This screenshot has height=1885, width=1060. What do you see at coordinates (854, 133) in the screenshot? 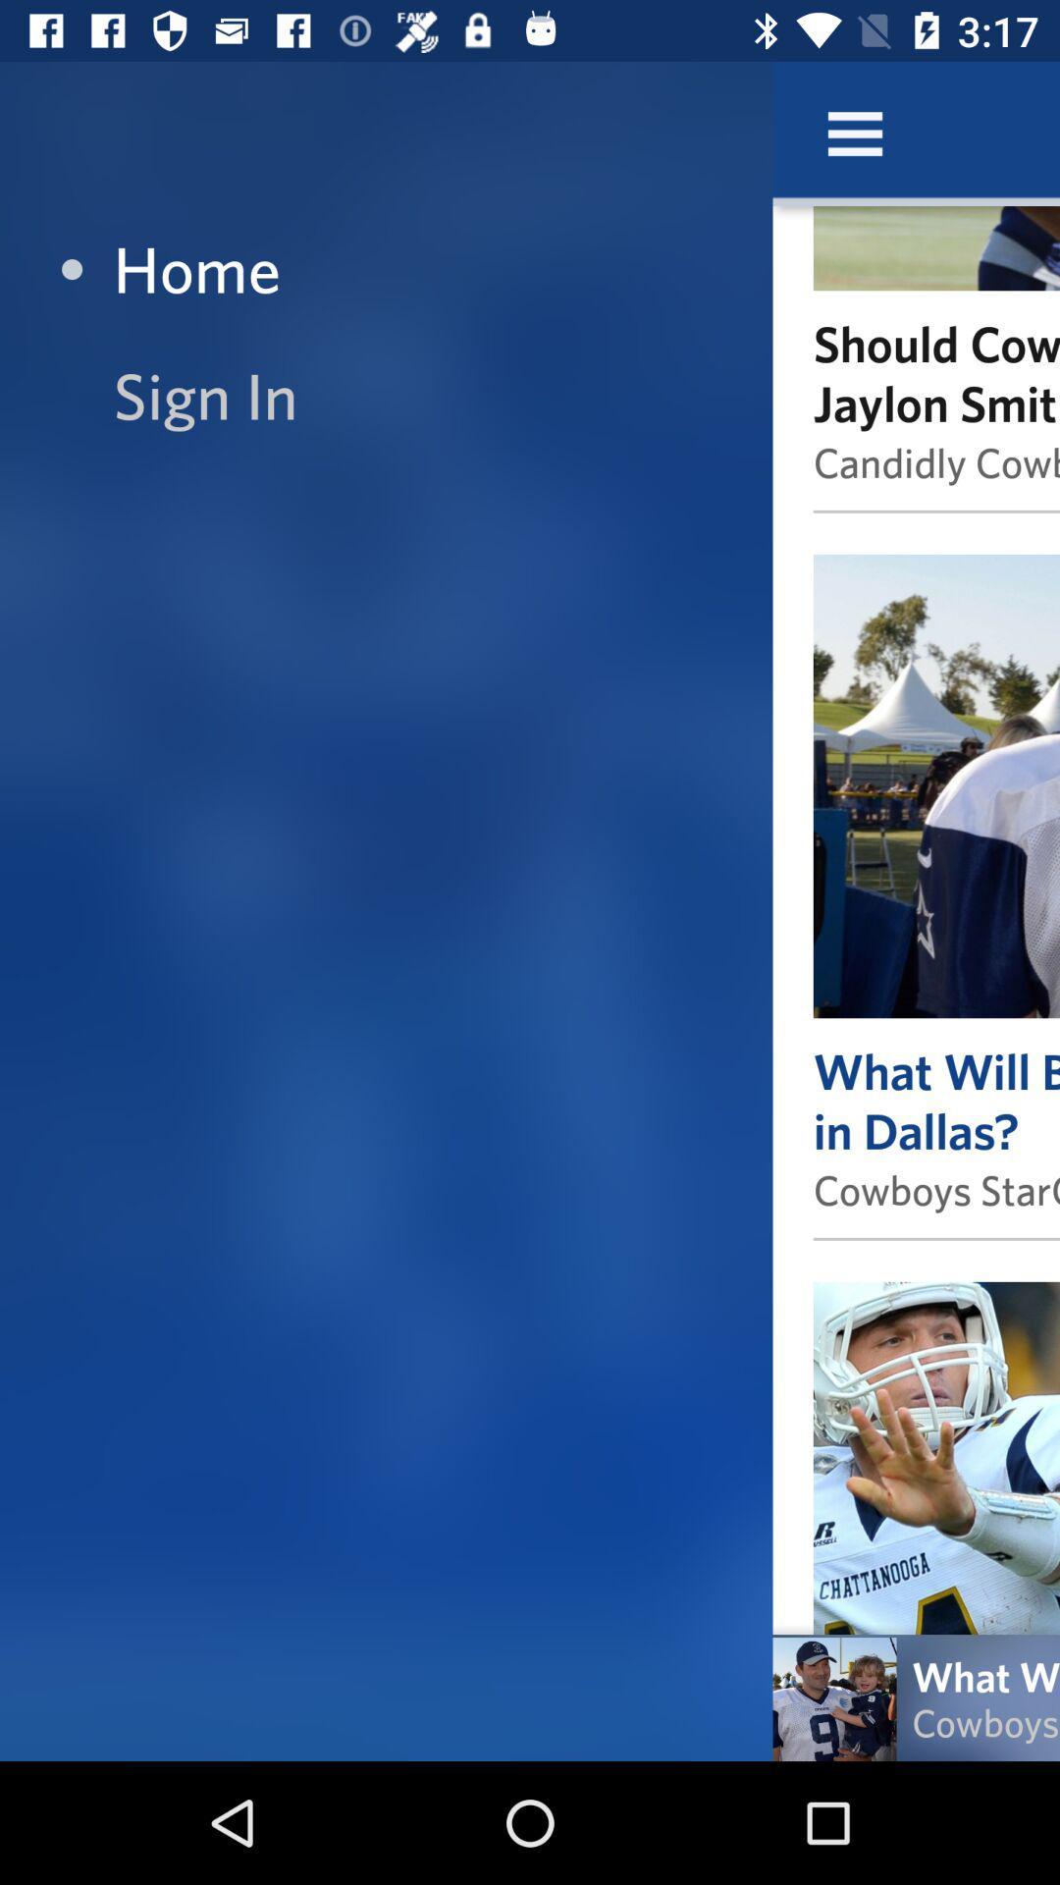
I see `menu` at bounding box center [854, 133].